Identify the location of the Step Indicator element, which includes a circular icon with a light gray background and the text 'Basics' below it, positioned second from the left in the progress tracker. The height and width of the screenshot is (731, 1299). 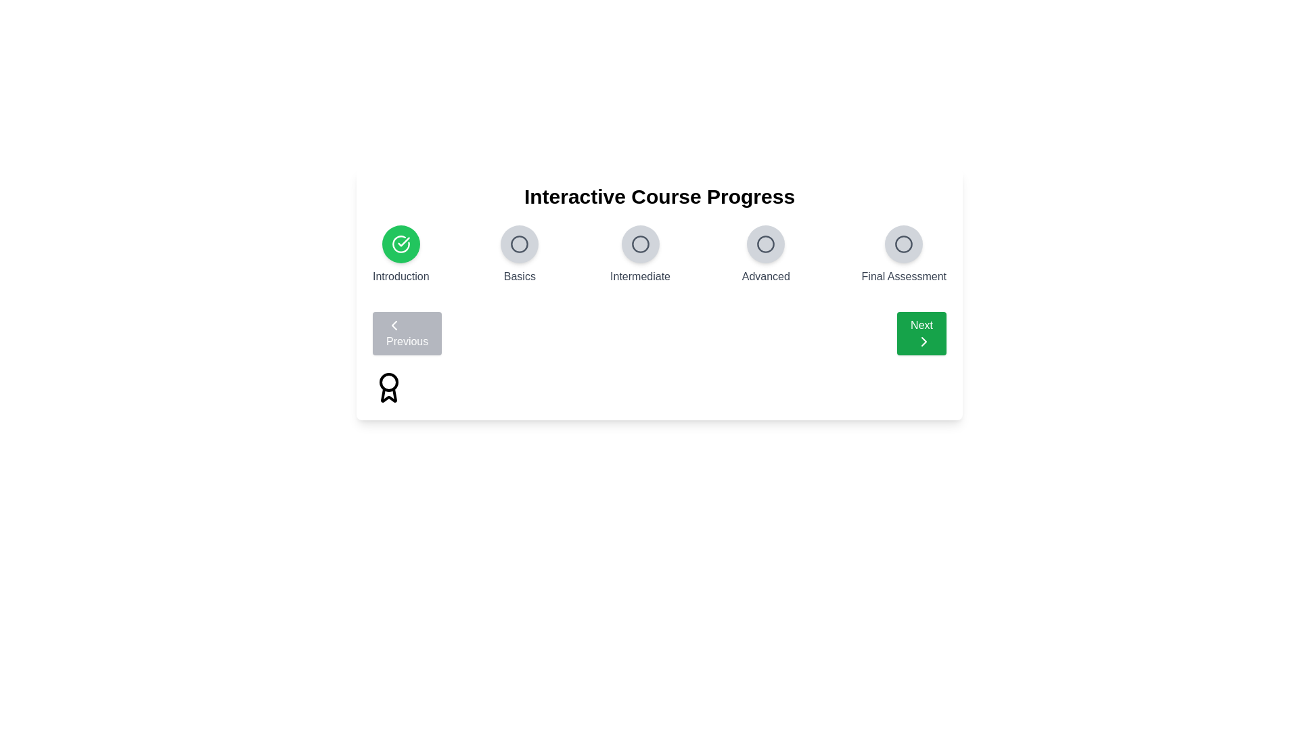
(519, 255).